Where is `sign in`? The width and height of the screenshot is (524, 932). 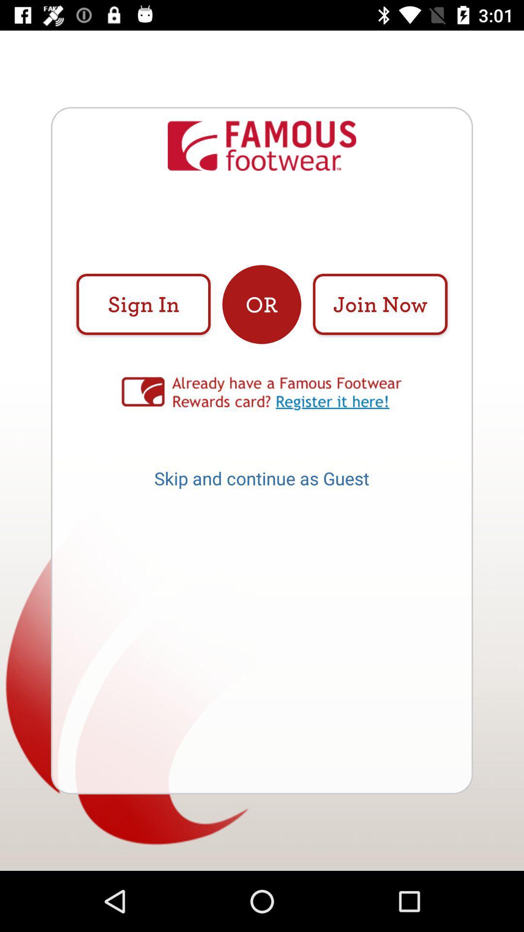
sign in is located at coordinates (143, 304).